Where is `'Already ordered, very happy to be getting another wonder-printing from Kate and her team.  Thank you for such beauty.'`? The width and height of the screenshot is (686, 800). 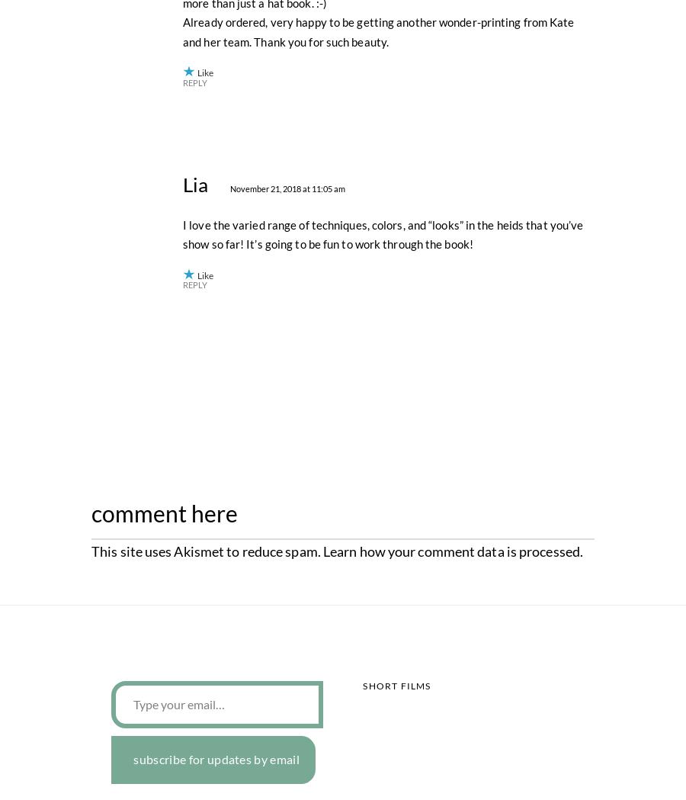 'Already ordered, very happy to be getting another wonder-printing from Kate and her team.  Thank you for such beauty.' is located at coordinates (377, 366).